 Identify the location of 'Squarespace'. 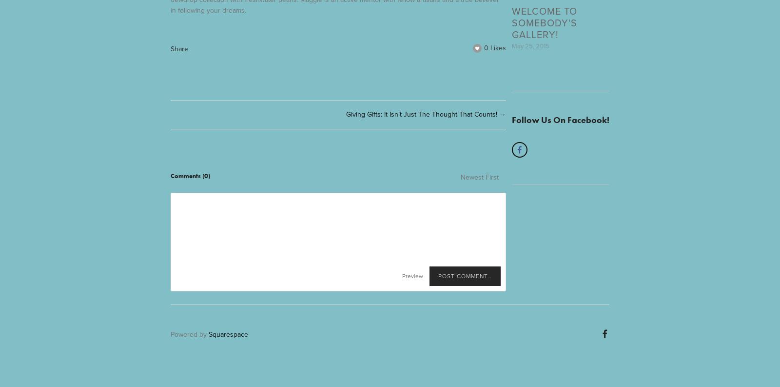
(208, 334).